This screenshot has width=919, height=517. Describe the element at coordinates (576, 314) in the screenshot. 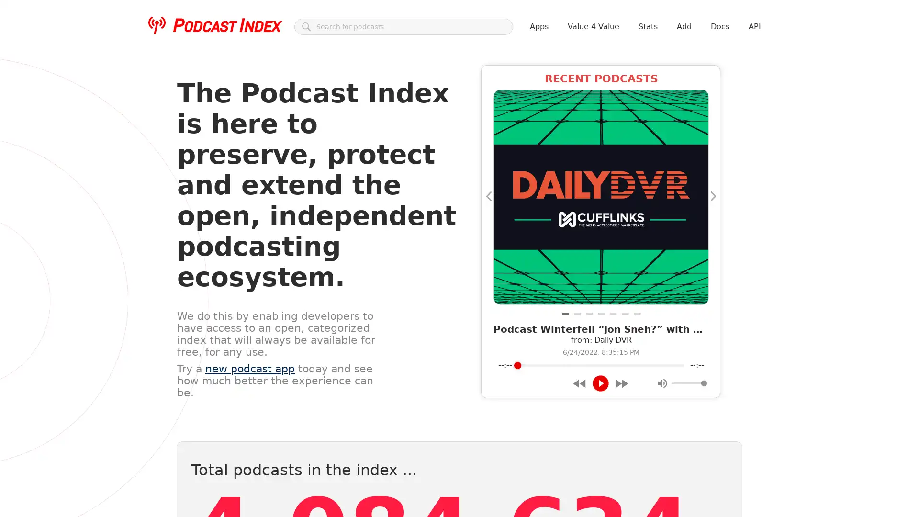

I see `Low Bar Radio. 6.22.22` at that location.